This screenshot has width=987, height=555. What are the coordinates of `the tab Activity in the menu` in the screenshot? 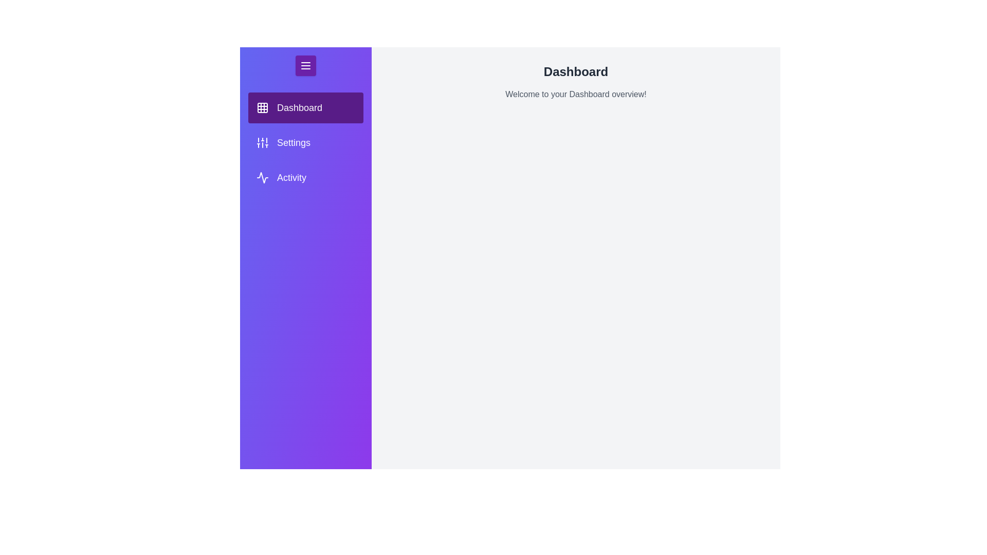 It's located at (305, 177).